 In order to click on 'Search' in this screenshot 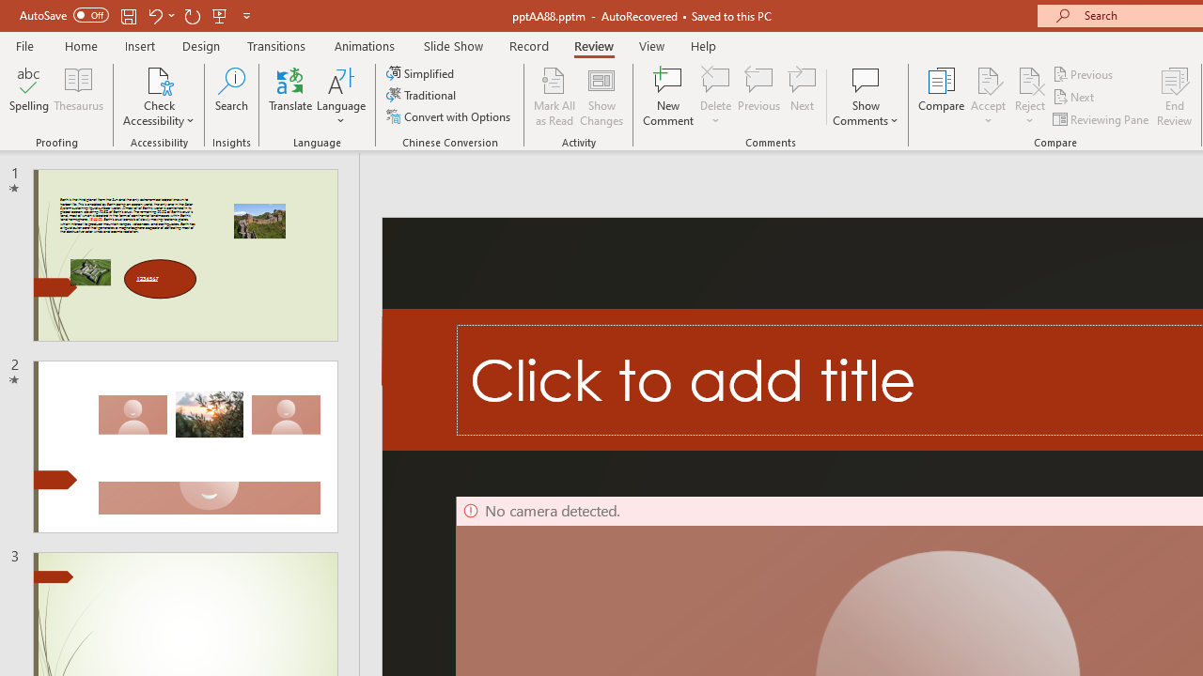, I will do `click(231, 97)`.